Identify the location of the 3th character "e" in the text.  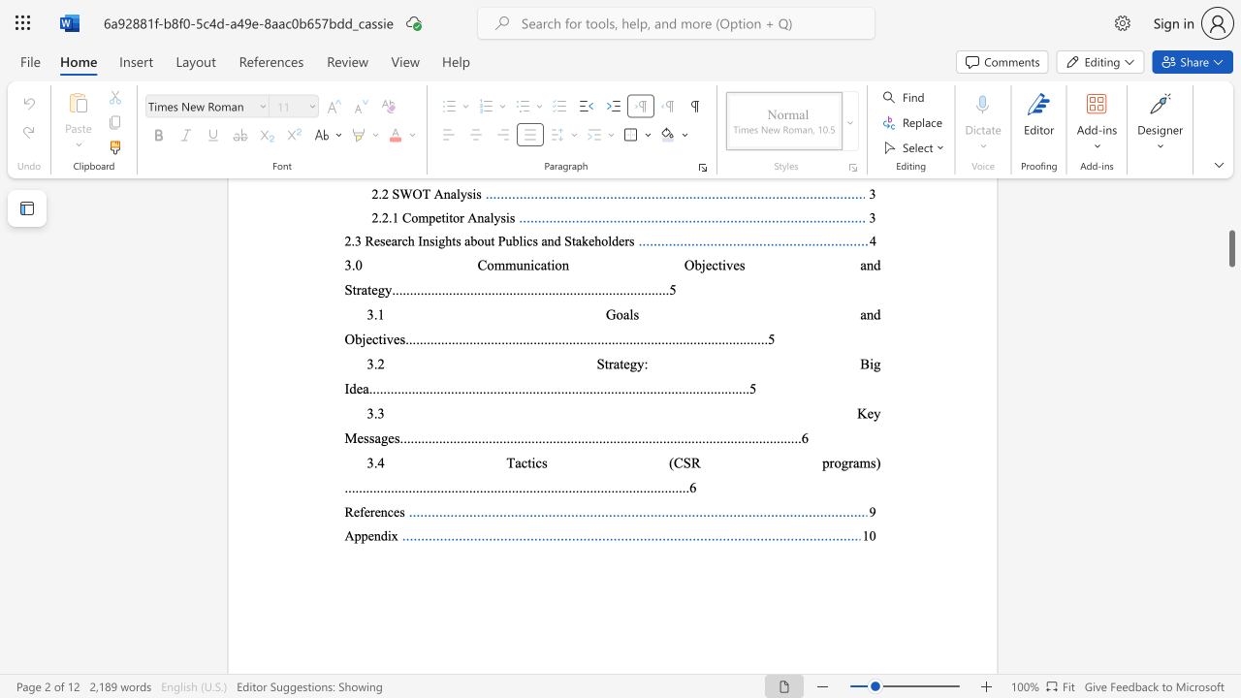
(377, 511).